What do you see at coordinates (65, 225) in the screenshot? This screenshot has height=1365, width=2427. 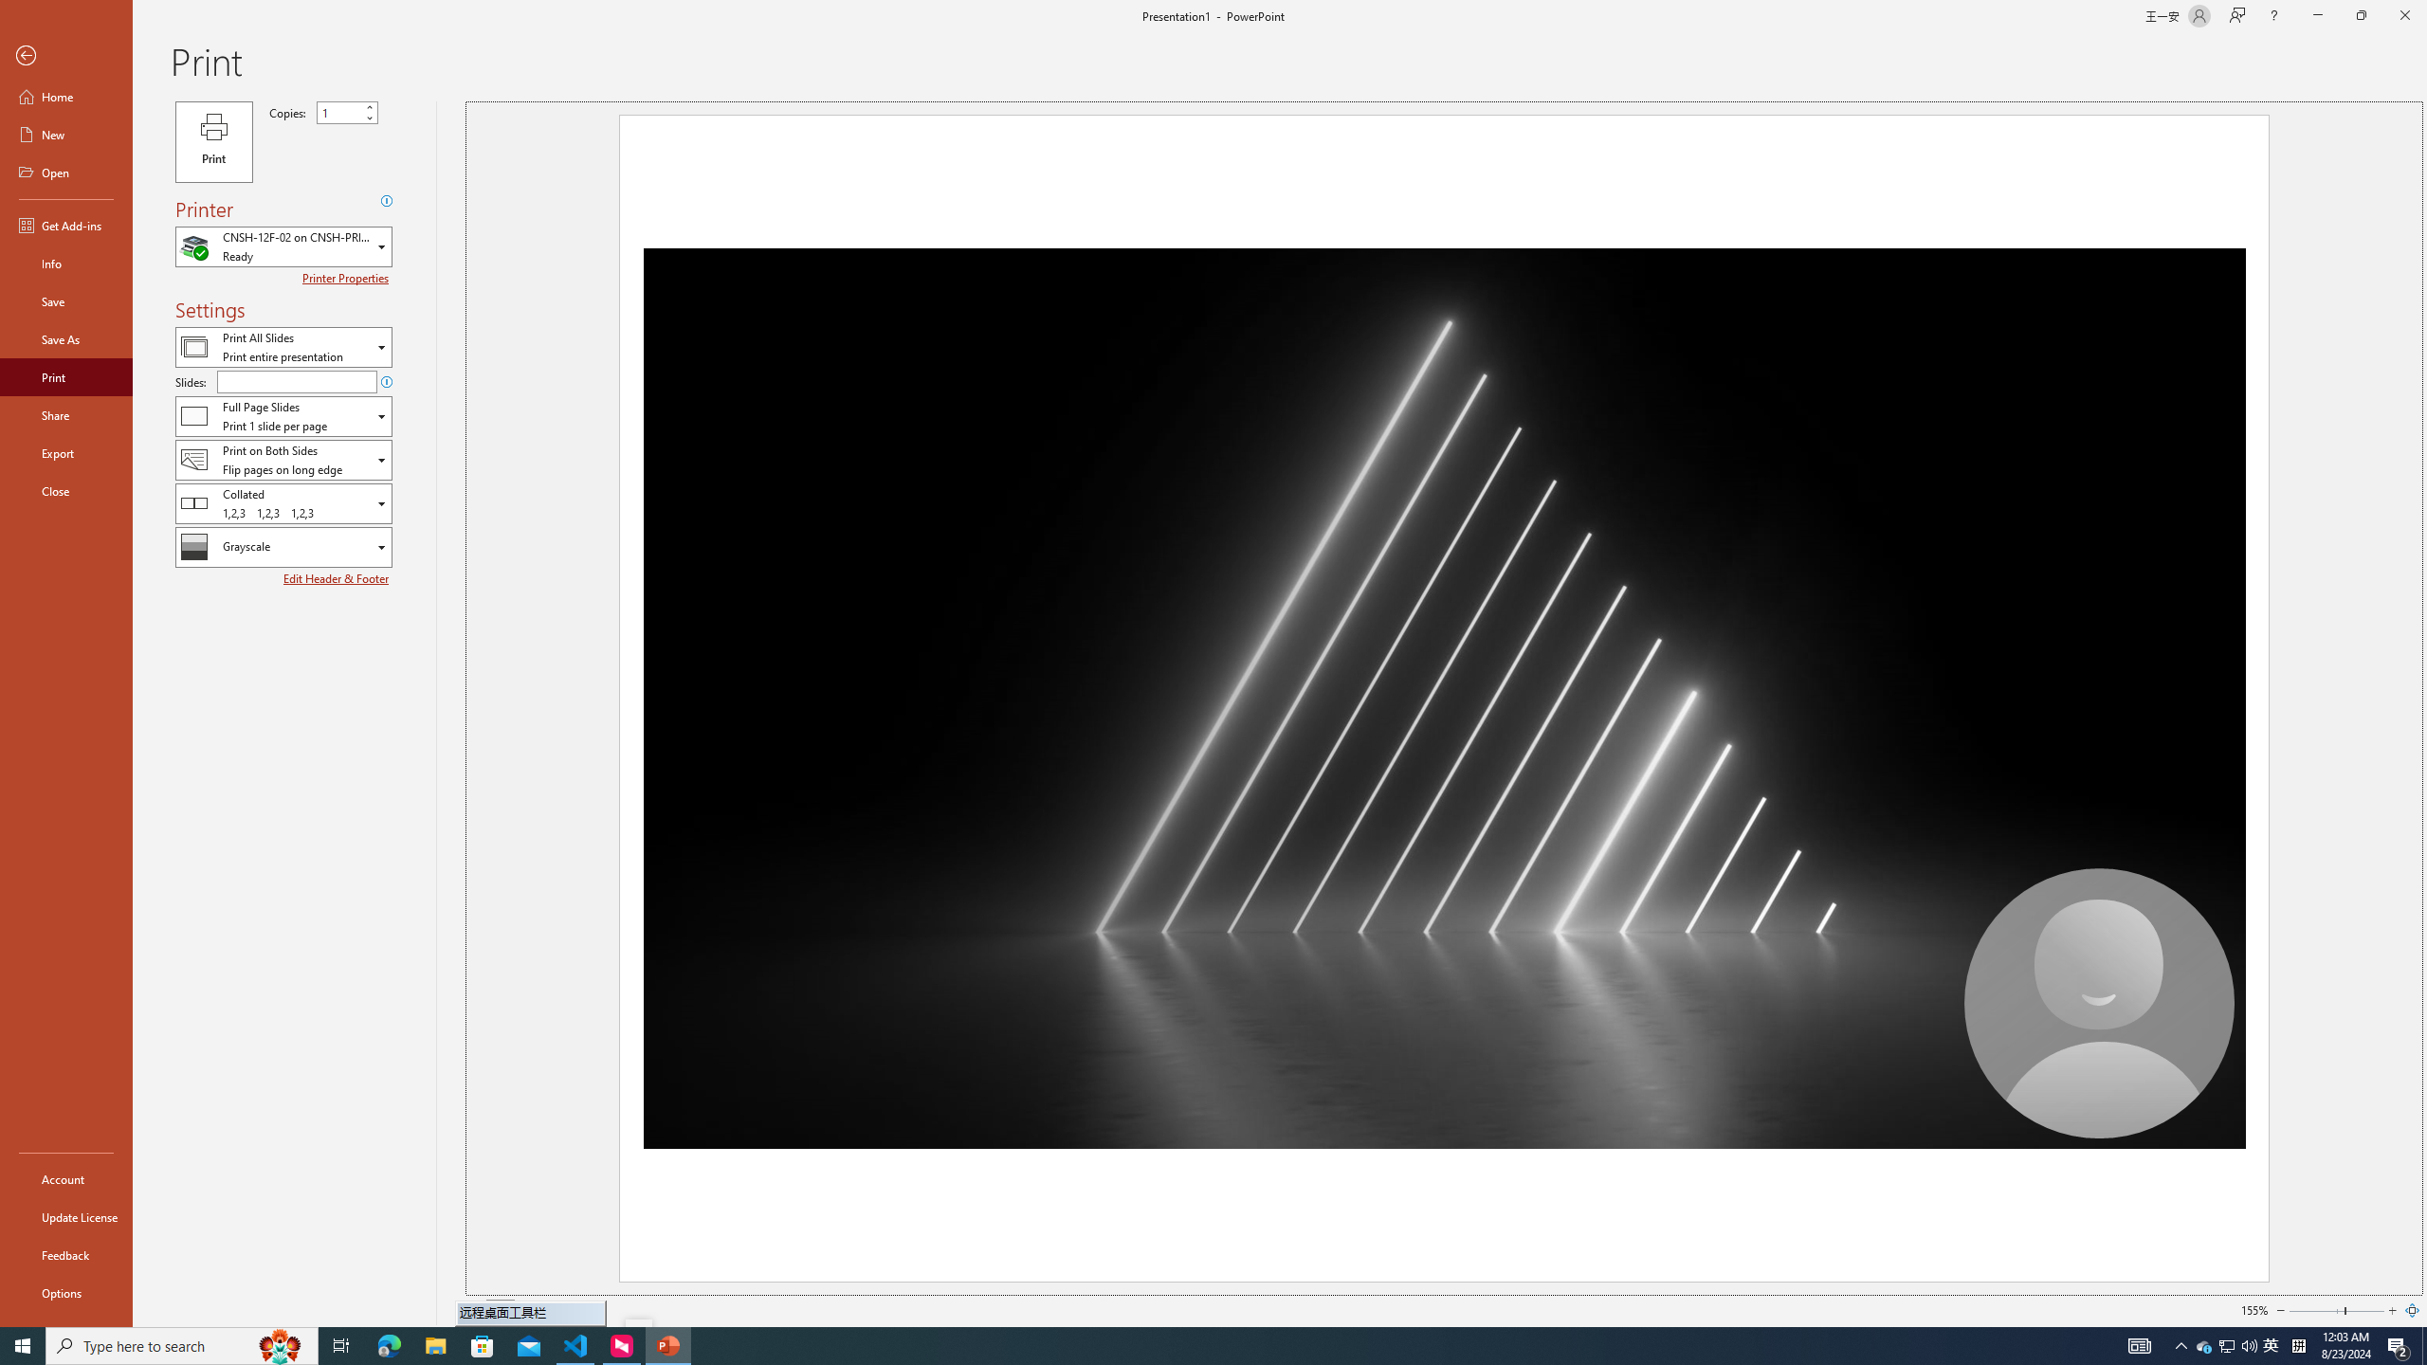 I see `'Get Add-ins'` at bounding box center [65, 225].